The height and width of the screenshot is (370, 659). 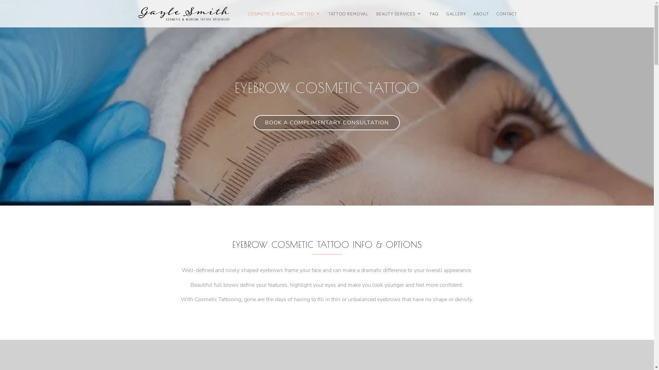 What do you see at coordinates (481, 13) in the screenshot?
I see `'ABOUT'` at bounding box center [481, 13].